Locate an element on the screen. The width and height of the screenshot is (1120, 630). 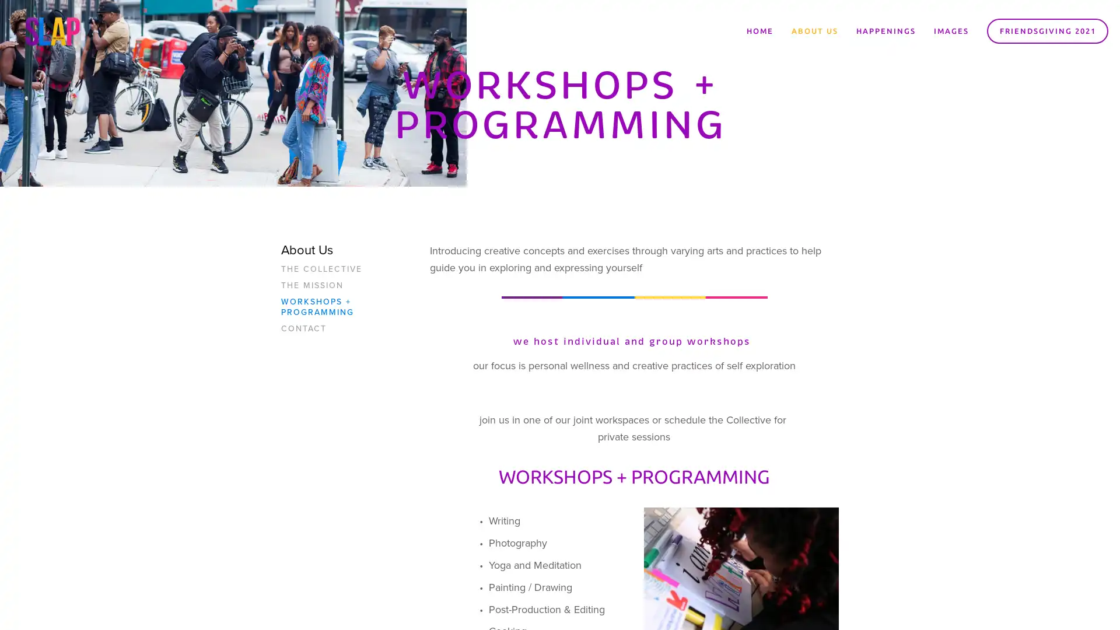
get mo' SLAP! is located at coordinates (632, 345).